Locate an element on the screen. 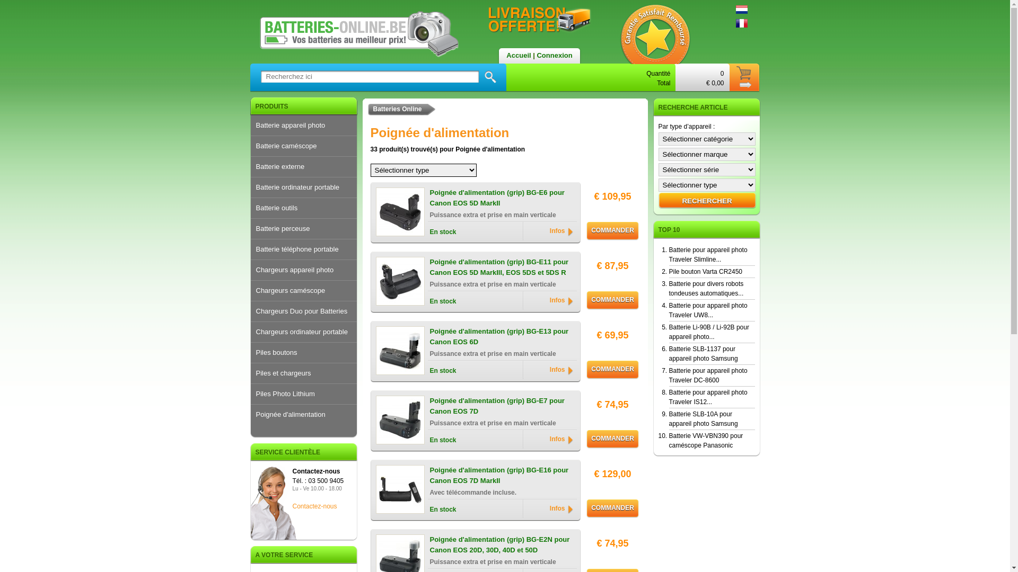 The width and height of the screenshot is (1018, 572). 'Batterie perceuse' is located at coordinates (302, 228).